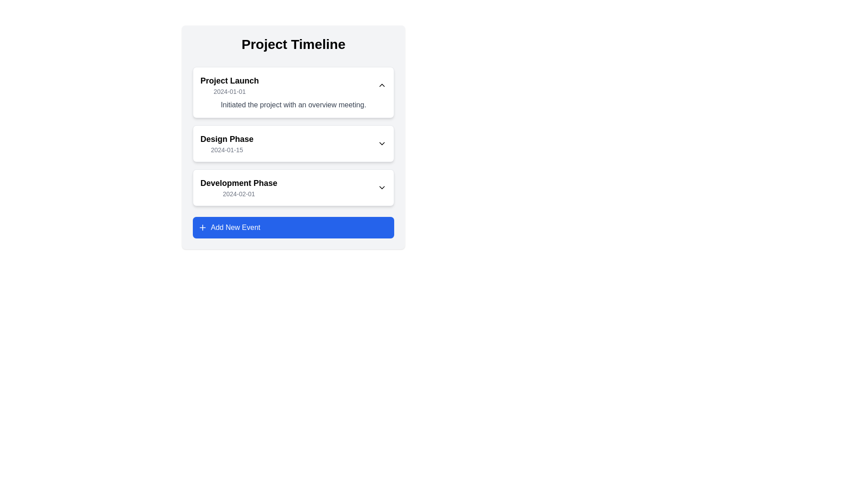  What do you see at coordinates (227, 143) in the screenshot?
I see `the Text Display element titled 'Design Phase' which includes a subtitle with the date '2024-01-15', located in the project timeline interface` at bounding box center [227, 143].